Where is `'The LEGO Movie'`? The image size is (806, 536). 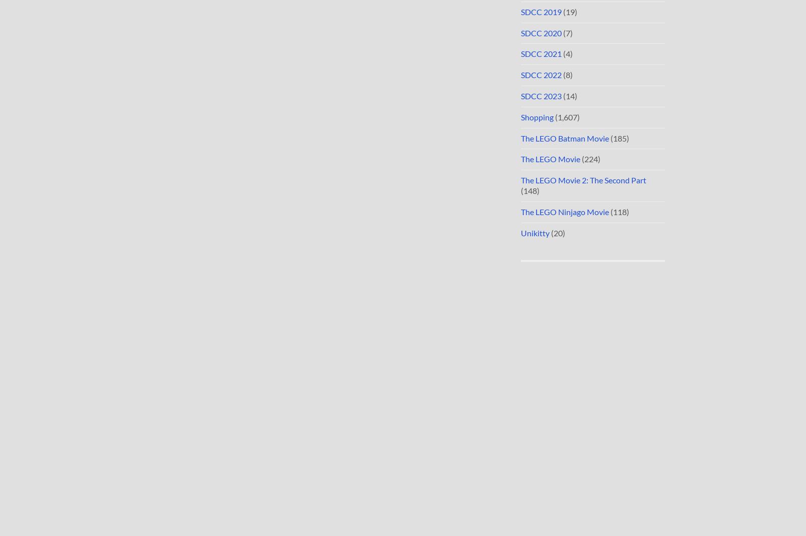 'The LEGO Movie' is located at coordinates (520, 159).